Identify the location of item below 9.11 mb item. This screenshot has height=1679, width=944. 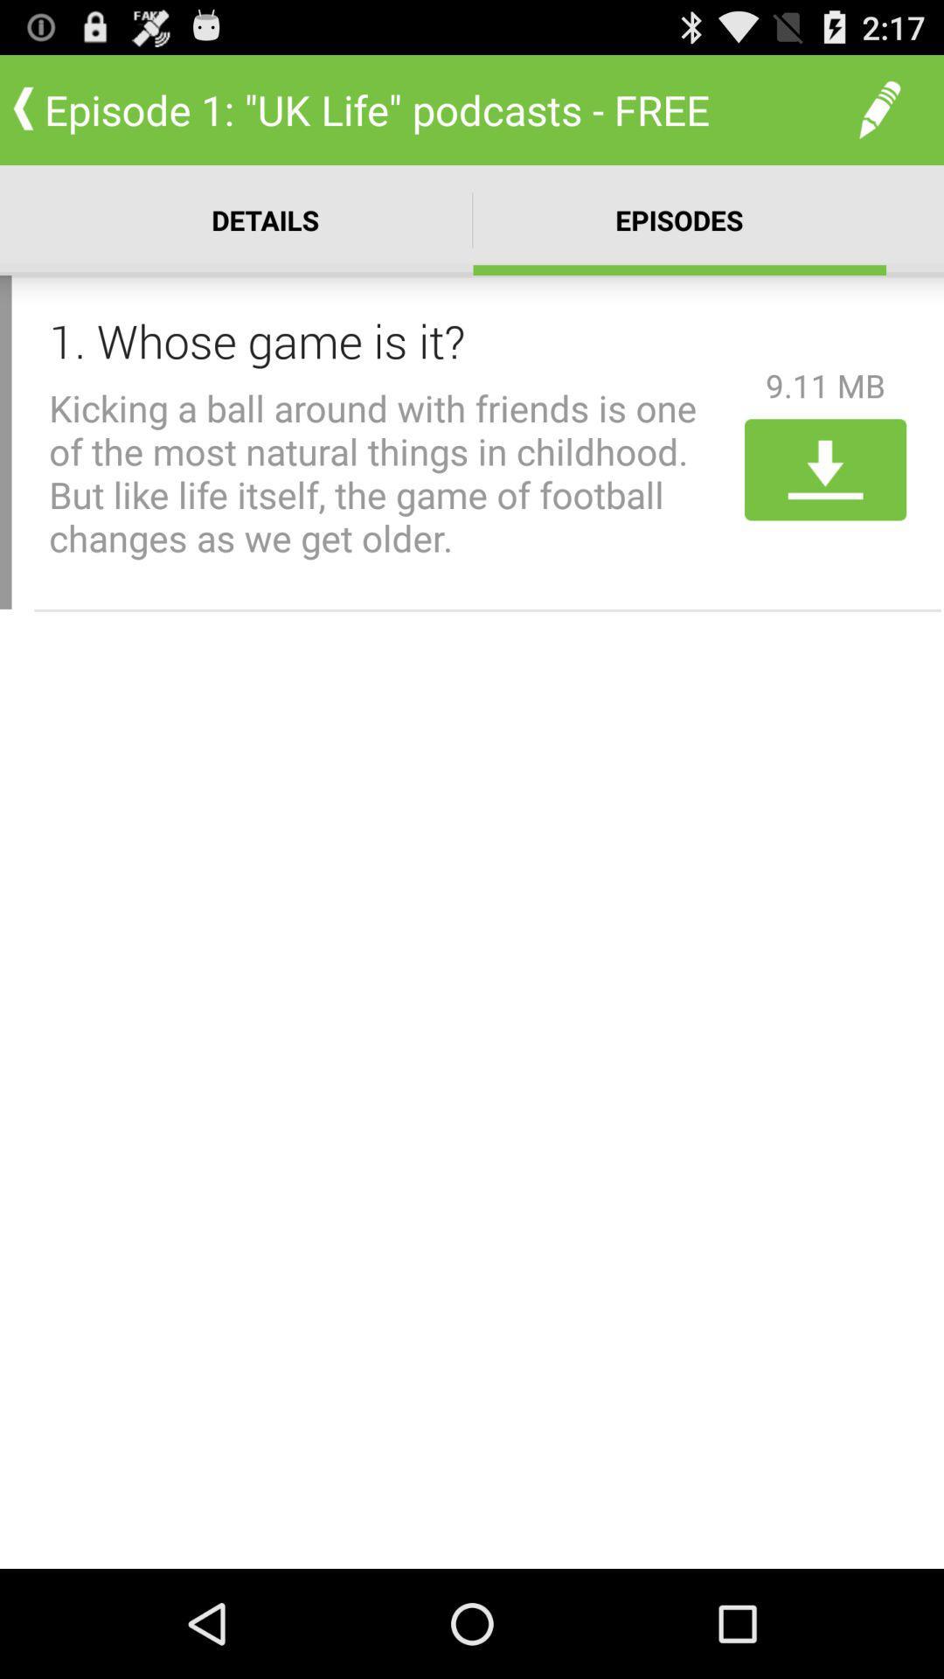
(825, 470).